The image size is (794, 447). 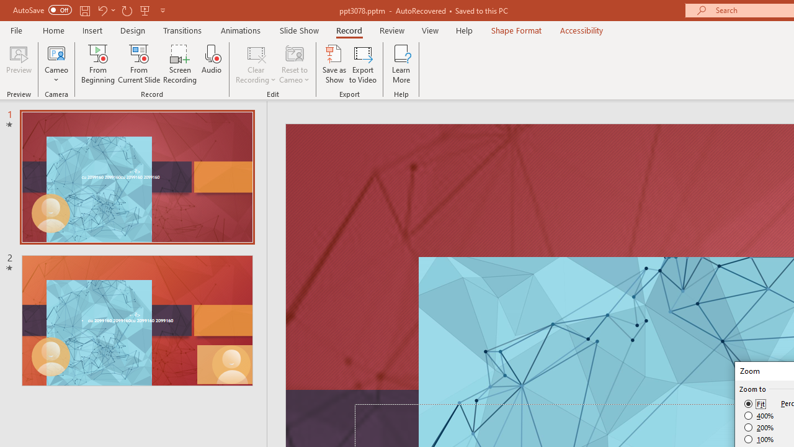 I want to click on 'Audio', so click(x=212, y=64).